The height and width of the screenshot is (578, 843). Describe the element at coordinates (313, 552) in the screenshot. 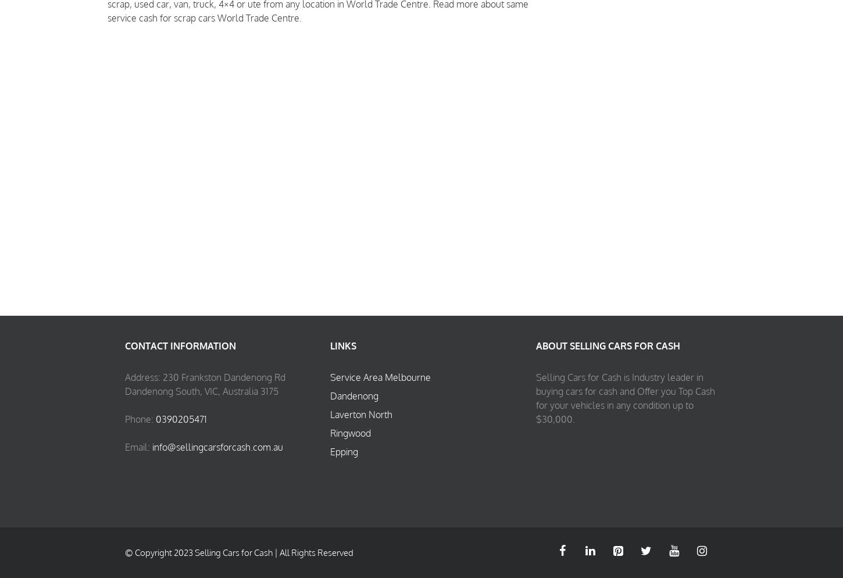

I see `'| All Rights Reserved'` at that location.